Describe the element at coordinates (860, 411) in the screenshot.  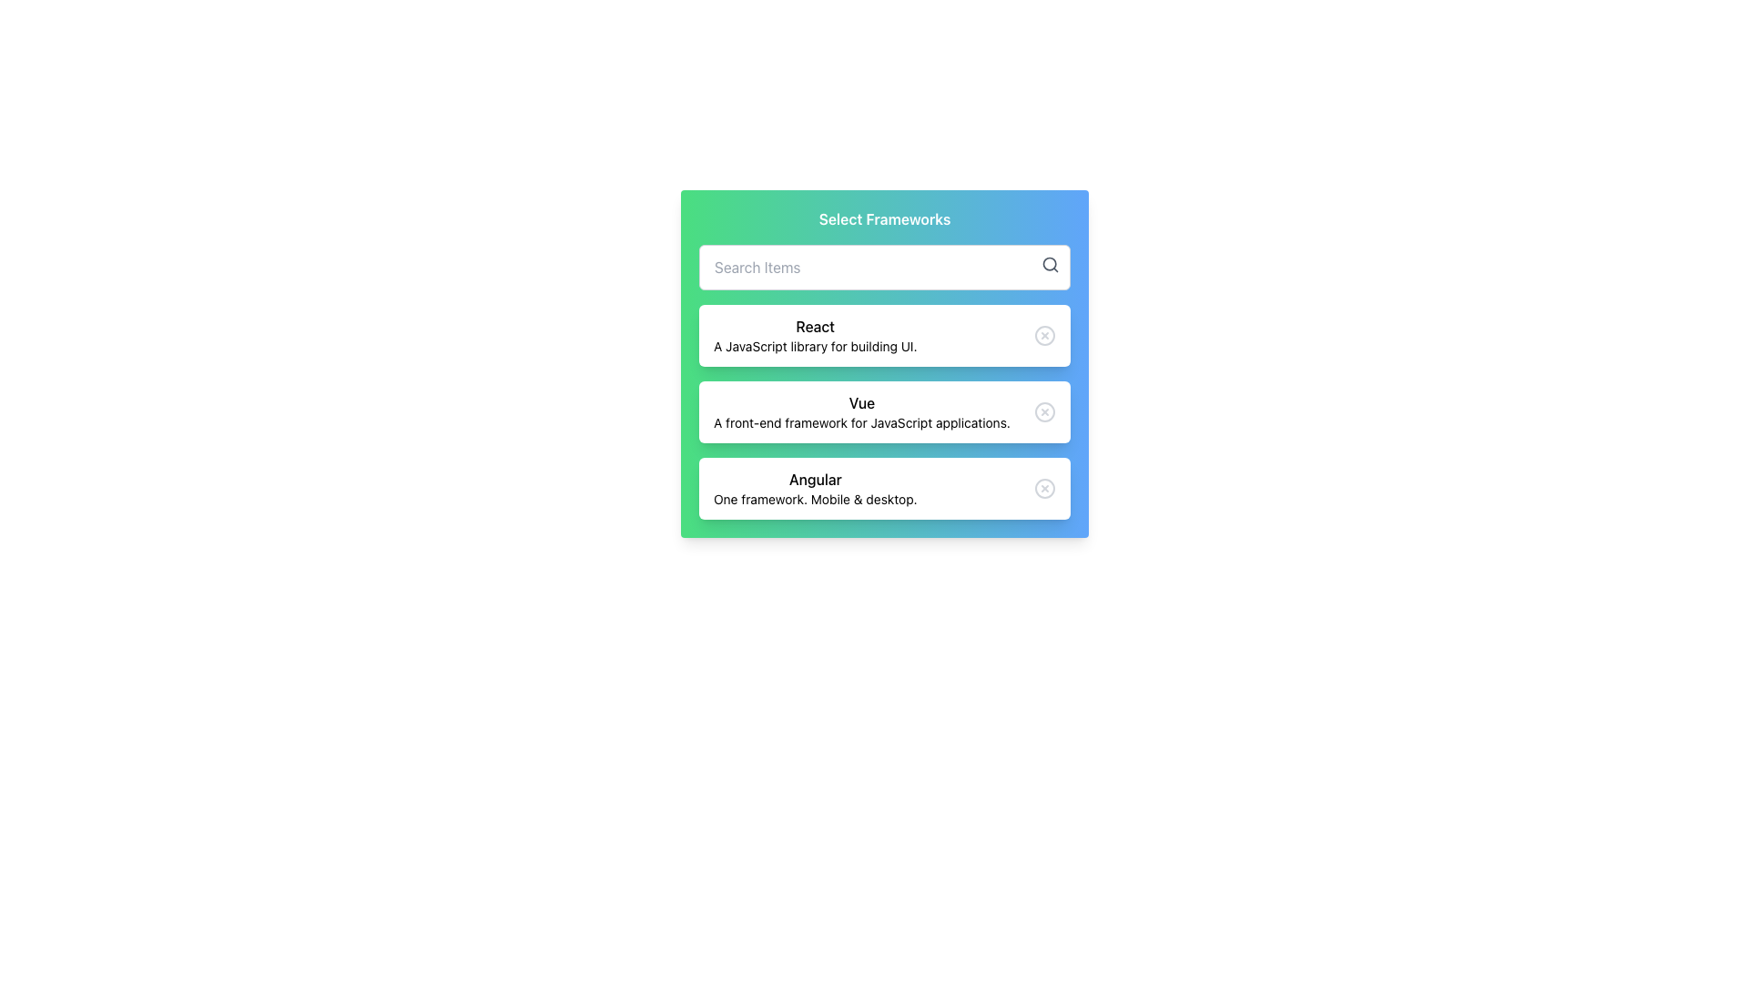
I see `the 'Vue' JavaScript framework option within the selection menu` at that location.